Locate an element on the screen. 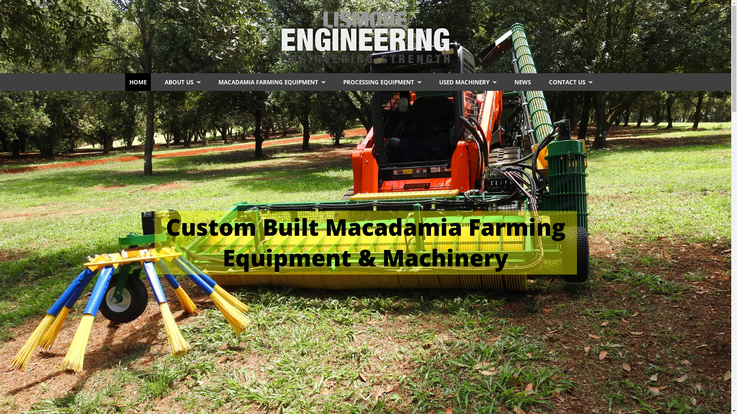  'HOME' is located at coordinates (138, 82).